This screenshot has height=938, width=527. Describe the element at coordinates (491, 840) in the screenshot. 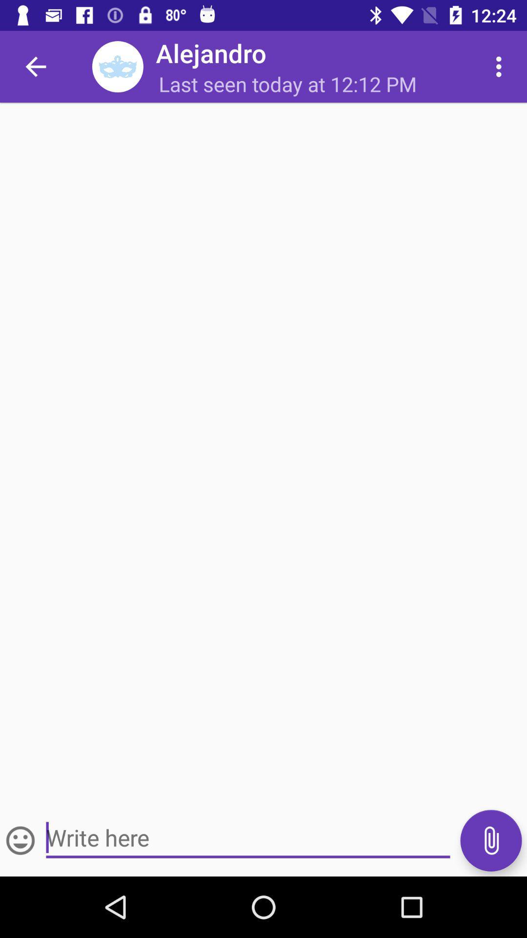

I see `the attach_file icon` at that location.